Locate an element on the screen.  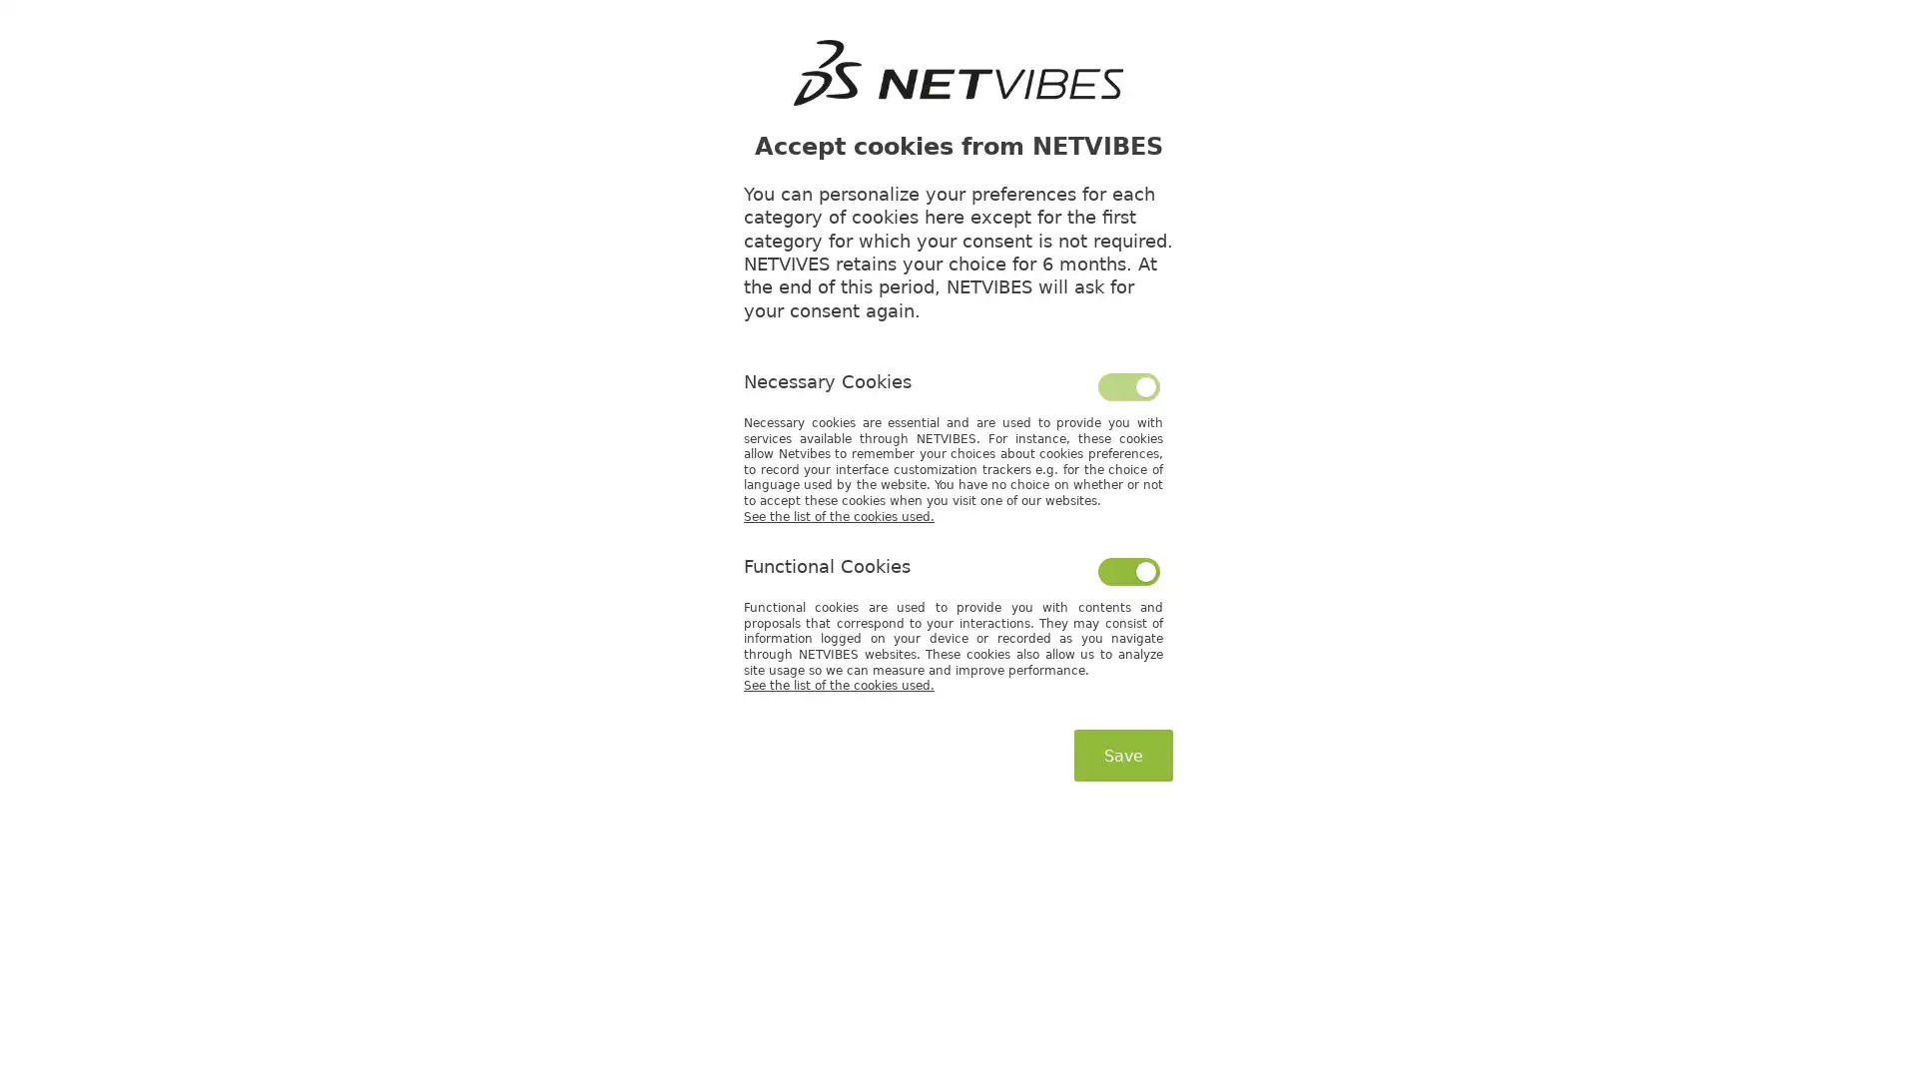
Save is located at coordinates (1123, 755).